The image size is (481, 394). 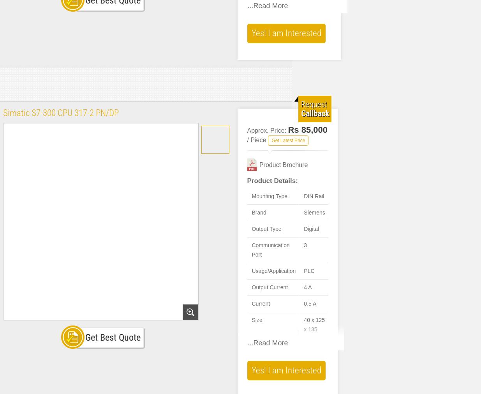 What do you see at coordinates (60, 113) in the screenshot?
I see `'Simatic S7-300 CPU 317-2 PN/DP'` at bounding box center [60, 113].